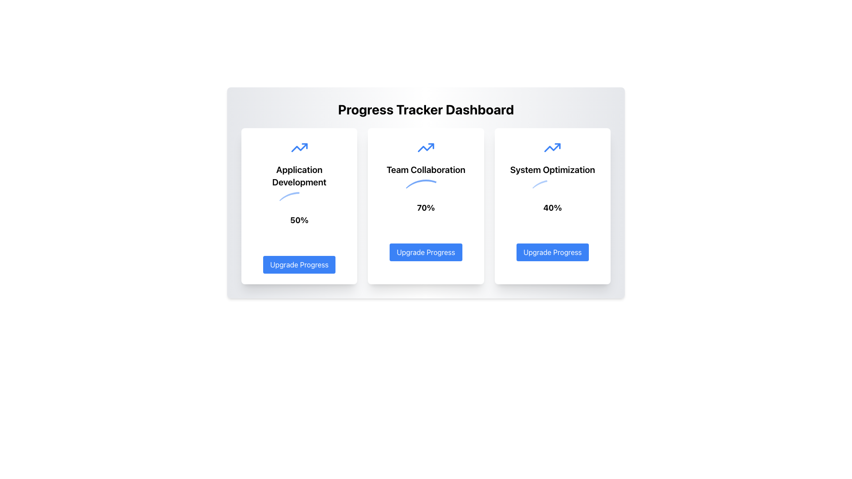 The height and width of the screenshot is (479, 852). I want to click on the button in the 'System Optimization' section, located below the '40%' label, to initiate an upgrade for the 'System Optimization' task, so click(552, 252).